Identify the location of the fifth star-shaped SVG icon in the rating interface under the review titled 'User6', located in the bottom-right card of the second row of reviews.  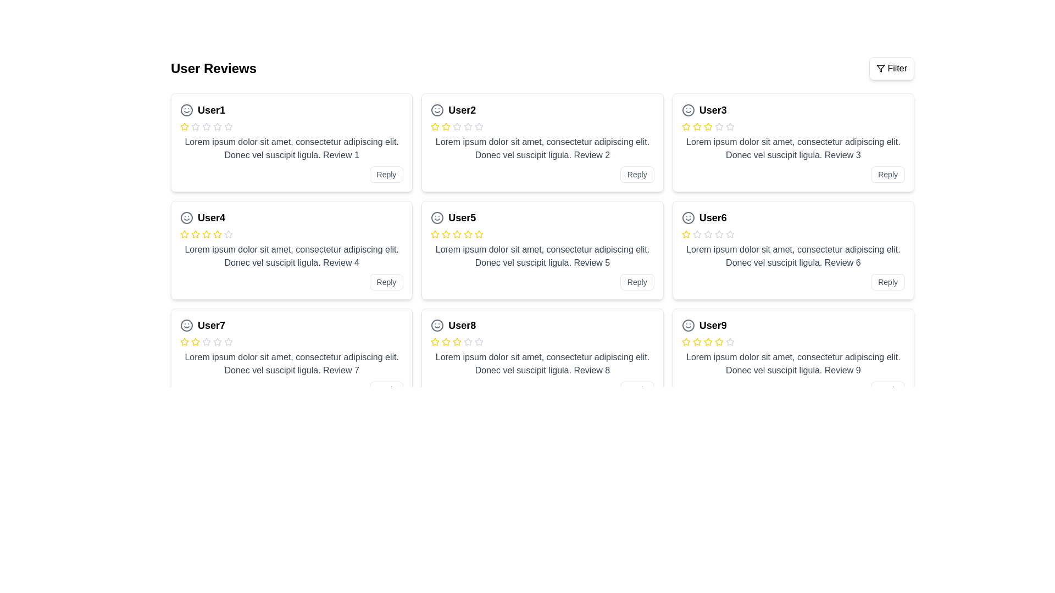
(719, 234).